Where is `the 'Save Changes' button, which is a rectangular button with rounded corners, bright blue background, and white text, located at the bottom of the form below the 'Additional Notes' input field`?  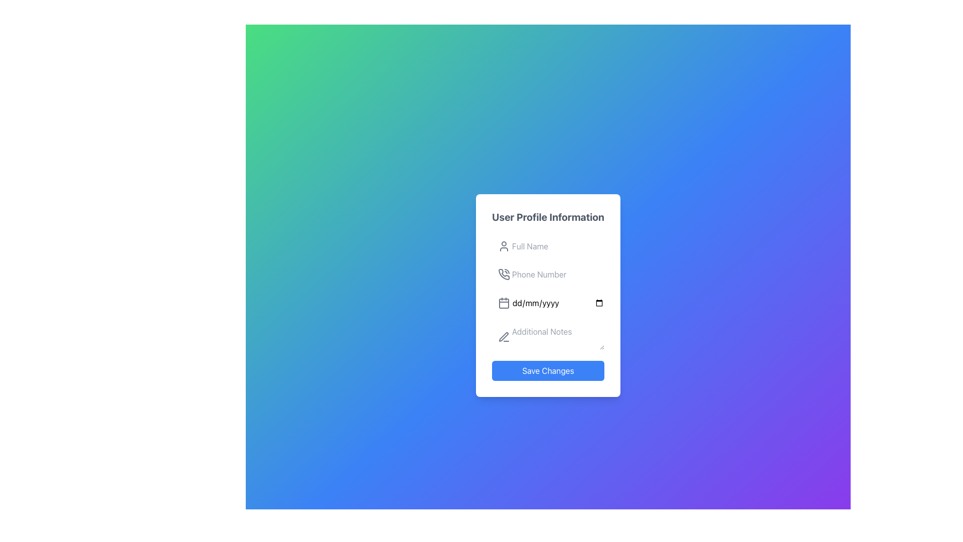
the 'Save Changes' button, which is a rectangular button with rounded corners, bright blue background, and white text, located at the bottom of the form below the 'Additional Notes' input field is located at coordinates (548, 371).